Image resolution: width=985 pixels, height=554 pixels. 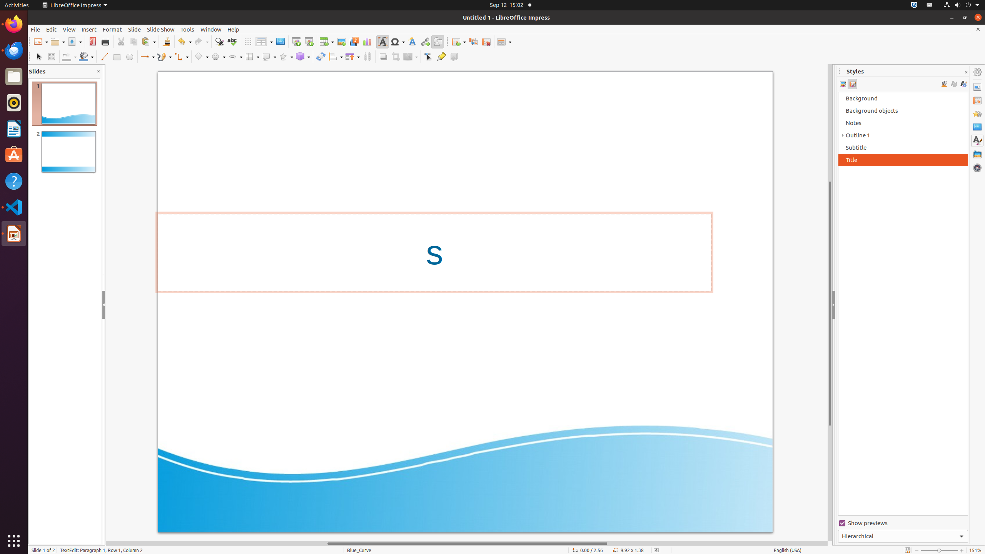 I want to click on 'Update Style', so click(x=963, y=84).